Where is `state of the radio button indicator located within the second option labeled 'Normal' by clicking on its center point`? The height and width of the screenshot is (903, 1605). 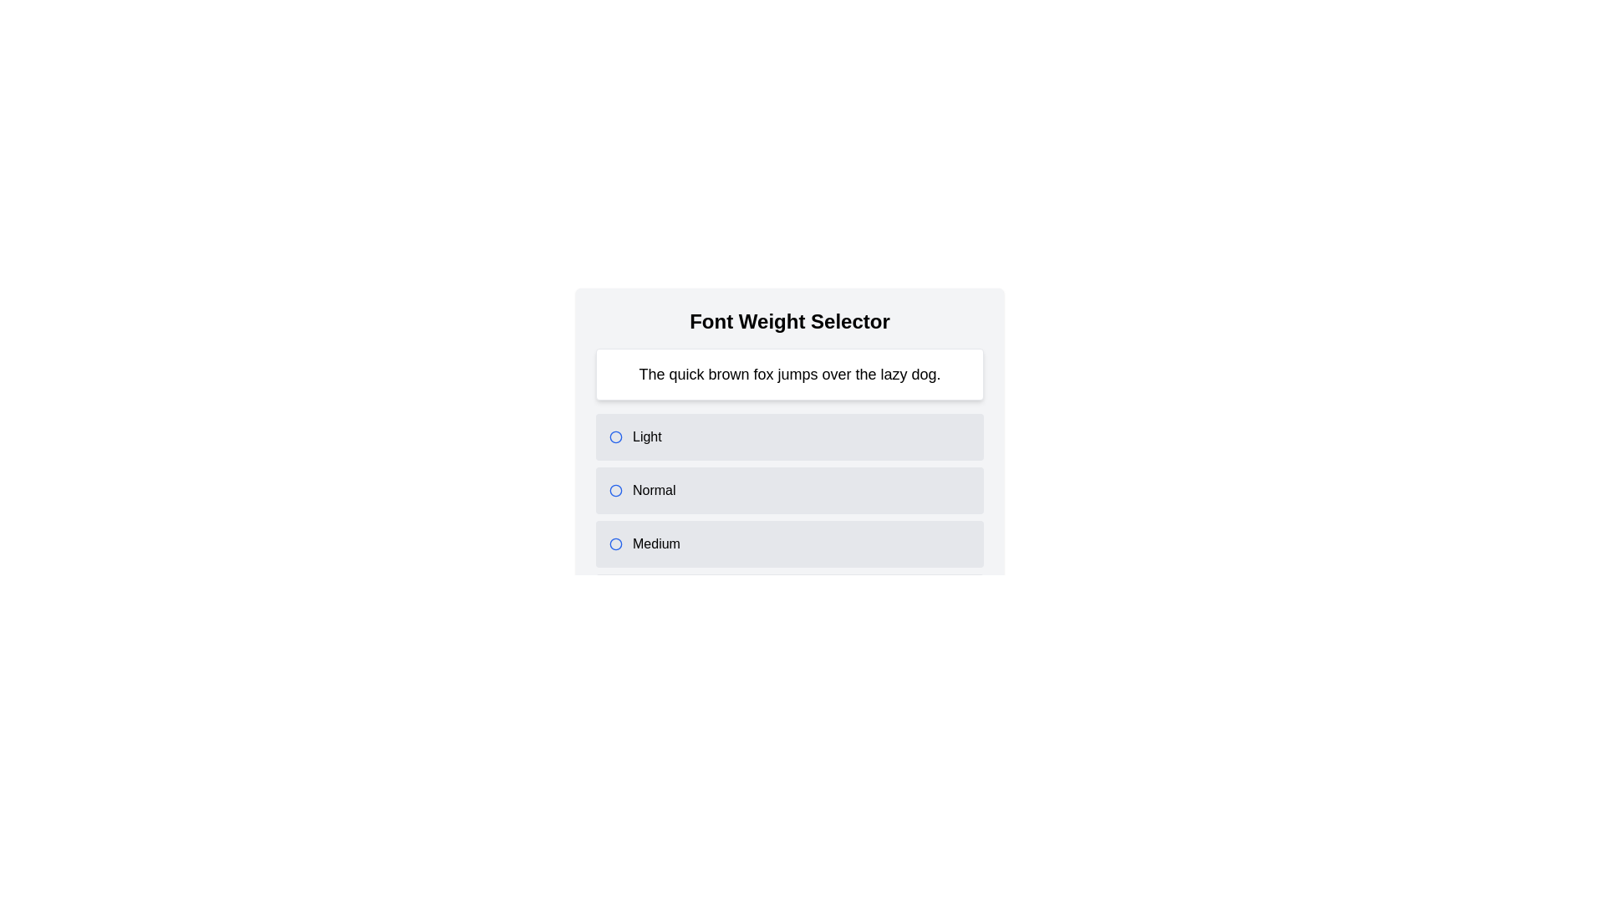
state of the radio button indicator located within the second option labeled 'Normal' by clicking on its center point is located at coordinates (615, 489).